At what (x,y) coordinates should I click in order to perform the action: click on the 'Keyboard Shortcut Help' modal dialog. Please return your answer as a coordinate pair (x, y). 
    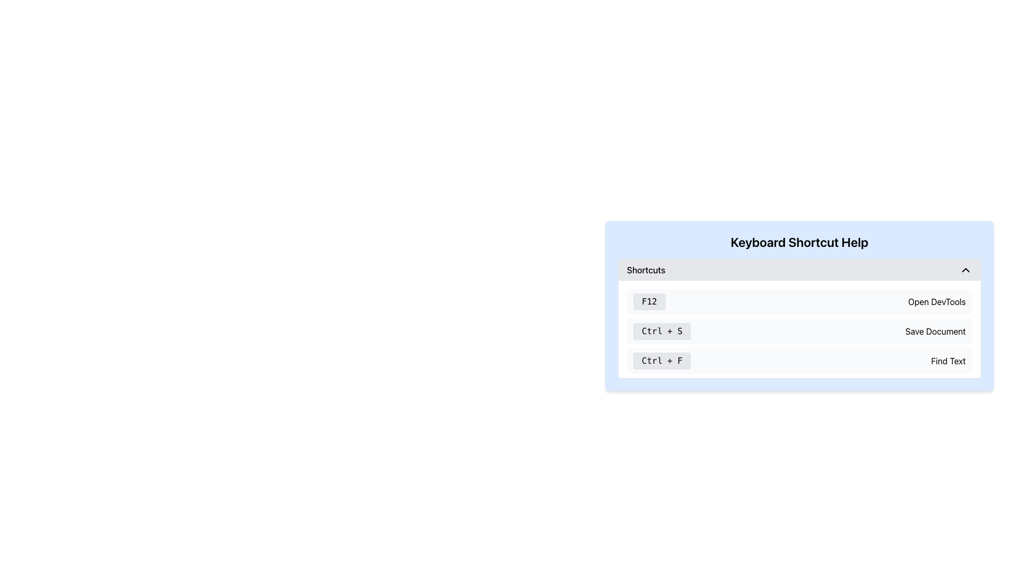
    Looking at the image, I should click on (799, 343).